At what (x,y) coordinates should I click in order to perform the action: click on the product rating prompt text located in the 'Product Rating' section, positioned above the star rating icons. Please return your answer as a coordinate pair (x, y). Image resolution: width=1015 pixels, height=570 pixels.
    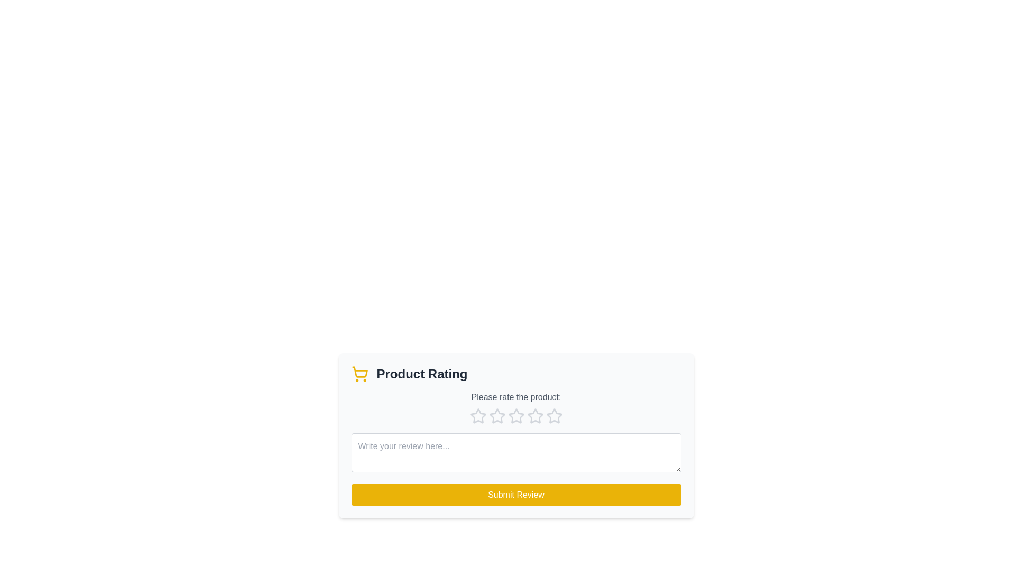
    Looking at the image, I should click on (516, 397).